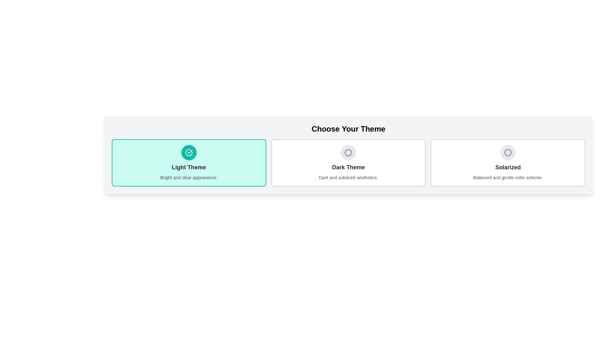 This screenshot has height=345, width=613. I want to click on the circular icon with a gray outline located in the third position under the 'Choose Your Theme' heading, which is part of the 'Solarized' theme option, so click(508, 153).